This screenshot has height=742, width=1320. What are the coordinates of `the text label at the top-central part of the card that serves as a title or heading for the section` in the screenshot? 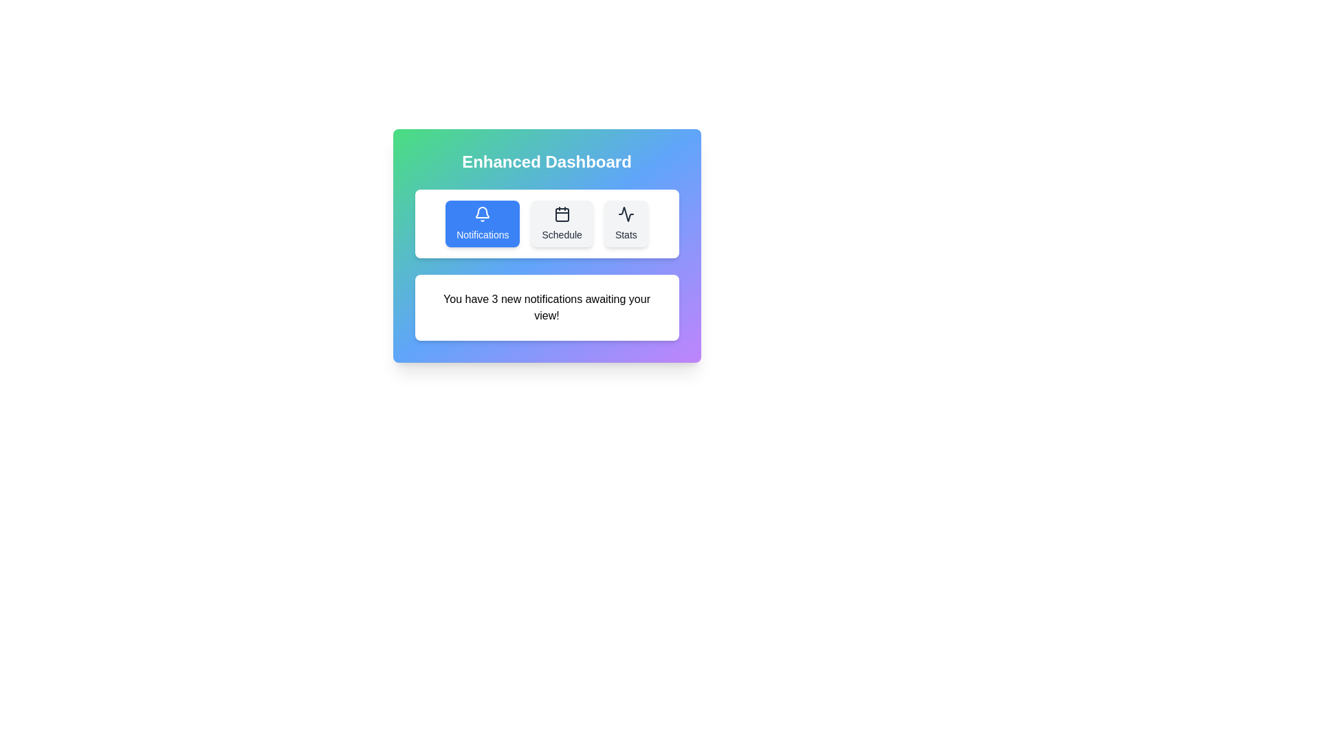 It's located at (546, 161).